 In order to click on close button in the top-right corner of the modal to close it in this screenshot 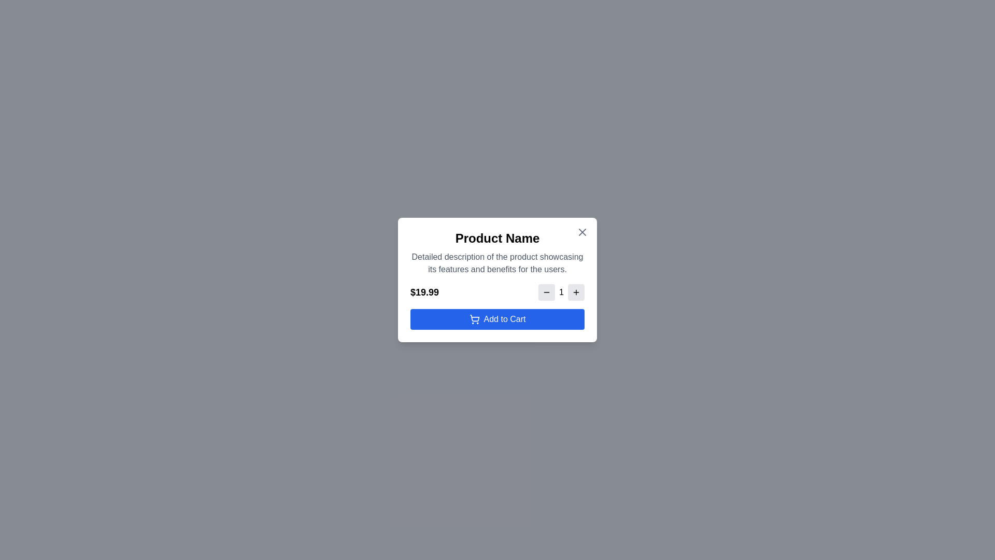, I will do `click(582, 231)`.